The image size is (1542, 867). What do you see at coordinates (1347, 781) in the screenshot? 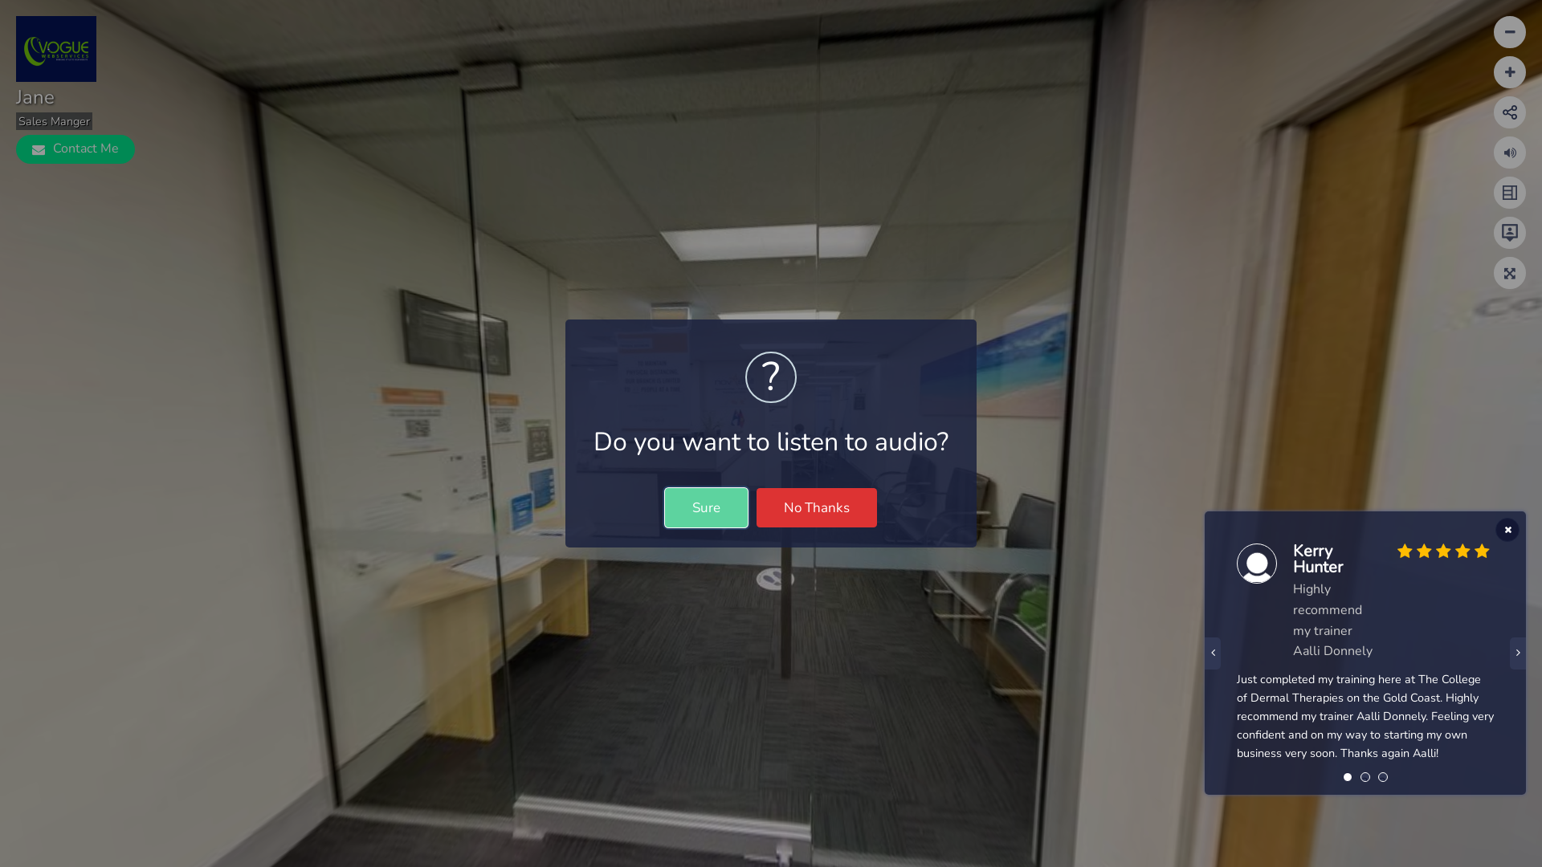
I see `'1'` at bounding box center [1347, 781].